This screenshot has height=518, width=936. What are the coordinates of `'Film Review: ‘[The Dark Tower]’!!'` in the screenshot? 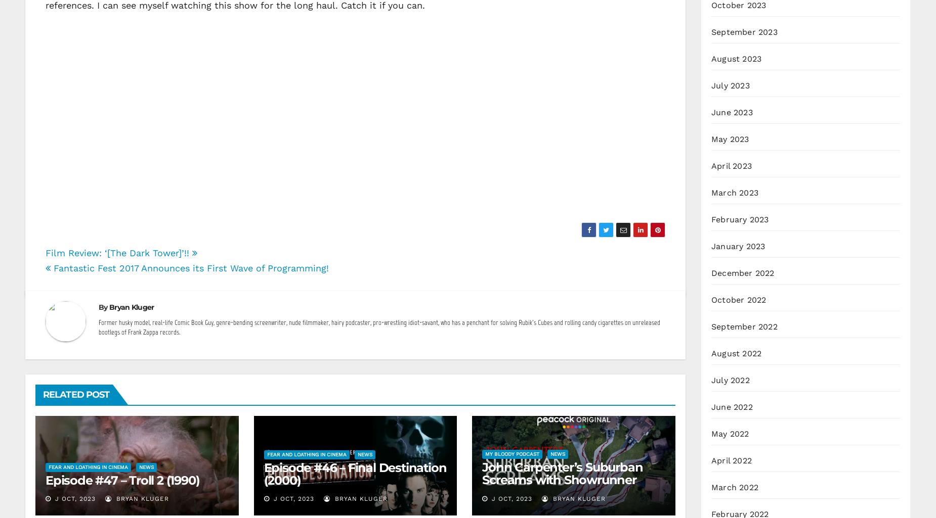 It's located at (45, 252).